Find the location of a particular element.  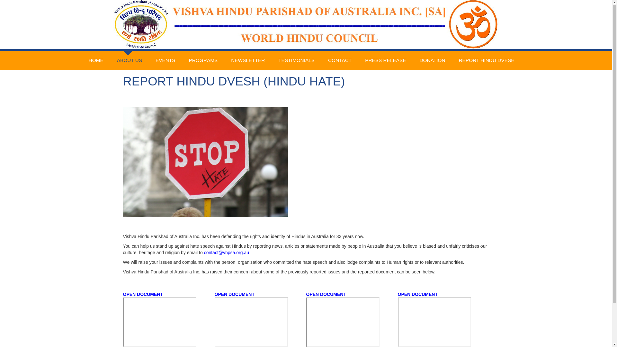

'CONTACT' is located at coordinates (339, 61).